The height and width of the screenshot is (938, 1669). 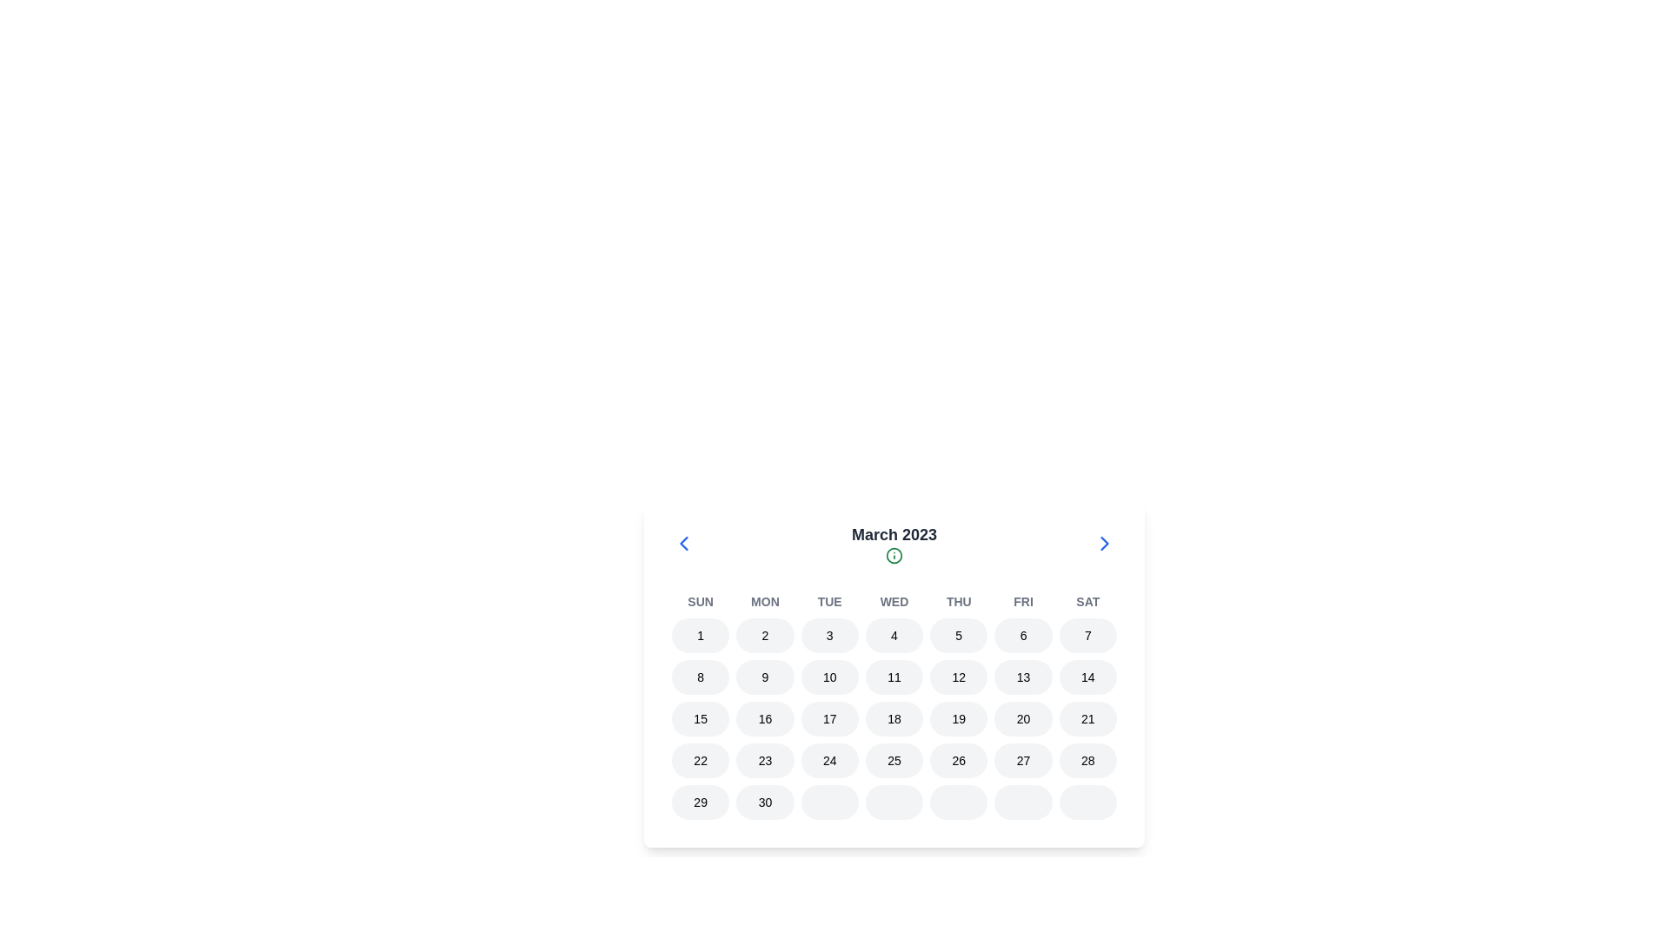 What do you see at coordinates (701, 719) in the screenshot?
I see `the circular button with a light gray background containing the number '15'` at bounding box center [701, 719].